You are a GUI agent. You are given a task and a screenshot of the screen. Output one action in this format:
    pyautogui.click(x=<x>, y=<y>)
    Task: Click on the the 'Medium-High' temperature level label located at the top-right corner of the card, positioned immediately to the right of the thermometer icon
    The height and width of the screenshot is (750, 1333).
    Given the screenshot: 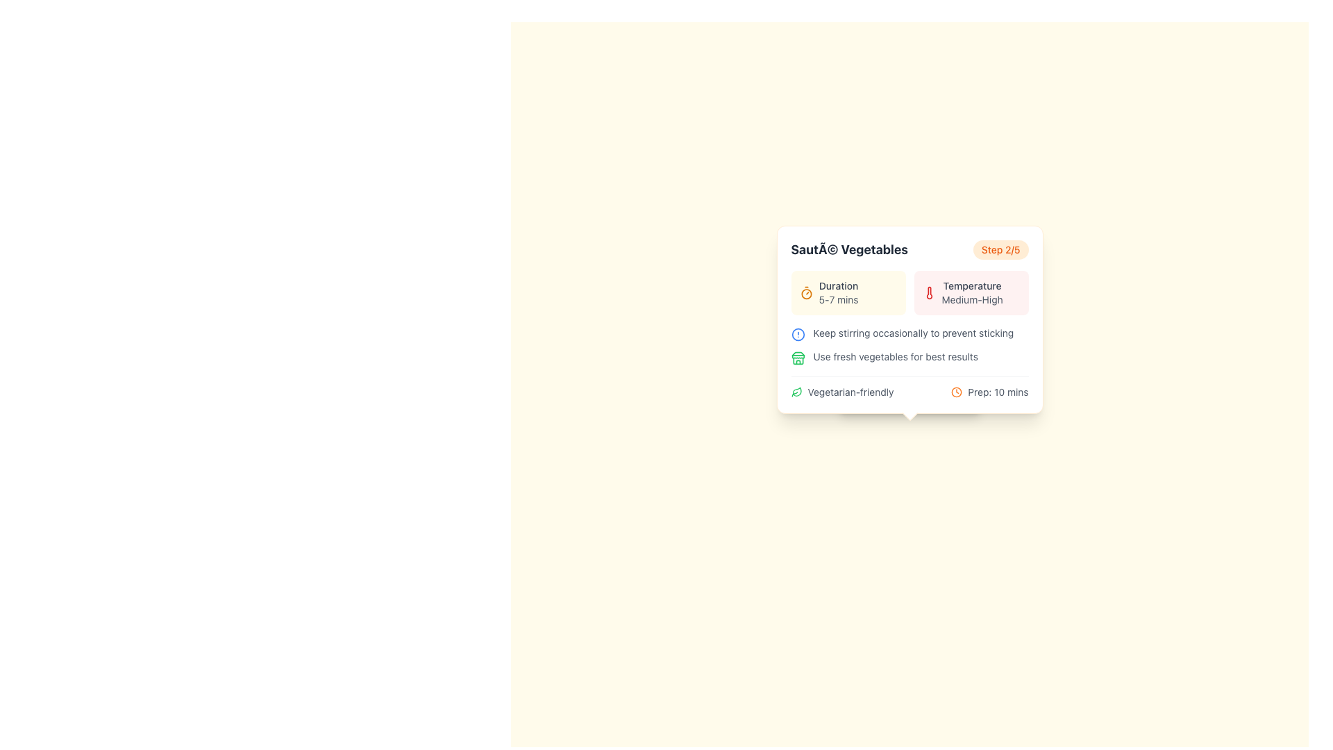 What is the action you would take?
    pyautogui.click(x=971, y=292)
    